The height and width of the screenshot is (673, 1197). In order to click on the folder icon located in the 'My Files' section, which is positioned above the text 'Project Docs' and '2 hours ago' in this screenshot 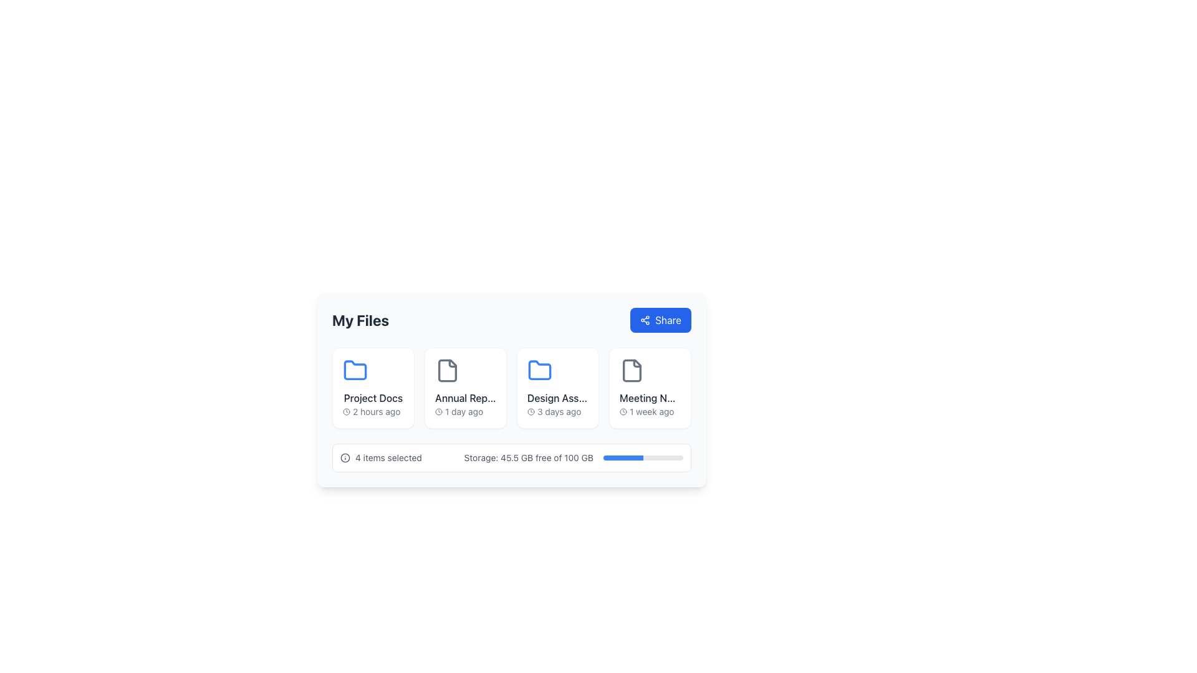, I will do `click(355, 370)`.